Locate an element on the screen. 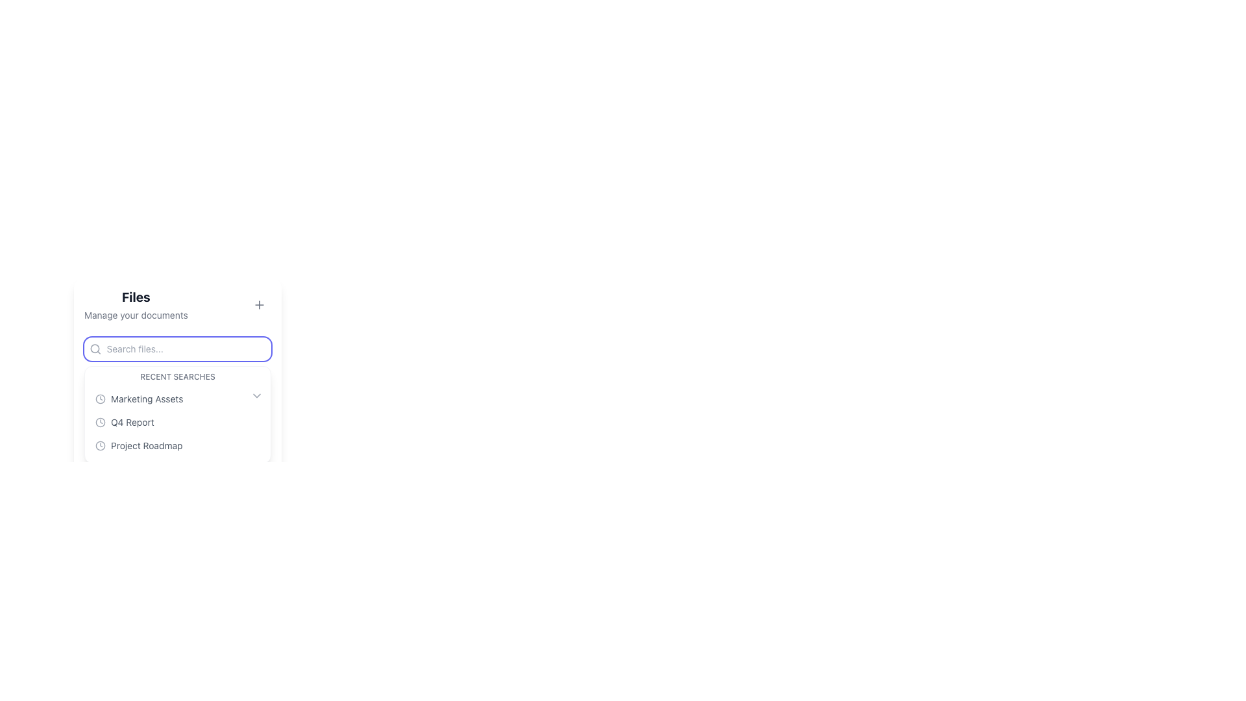 Image resolution: width=1246 pixels, height=701 pixels. the recent search option located at the bottom of the 'RECENT SEARCHES' list is located at coordinates (177, 445).